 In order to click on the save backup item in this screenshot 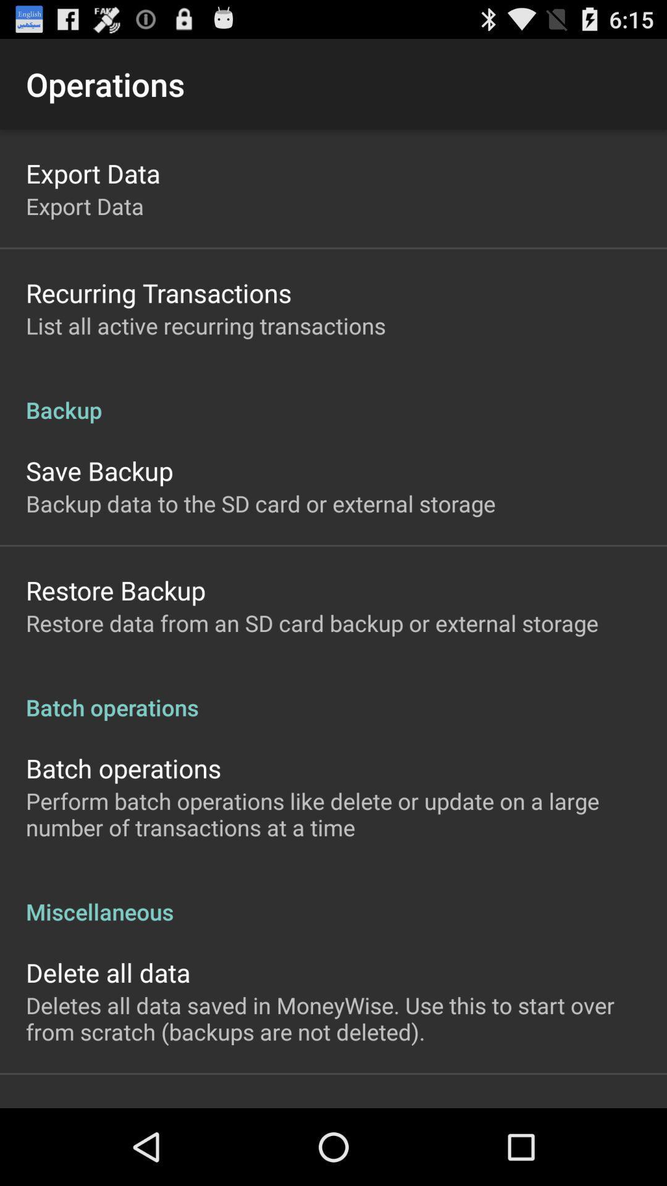, I will do `click(99, 470)`.